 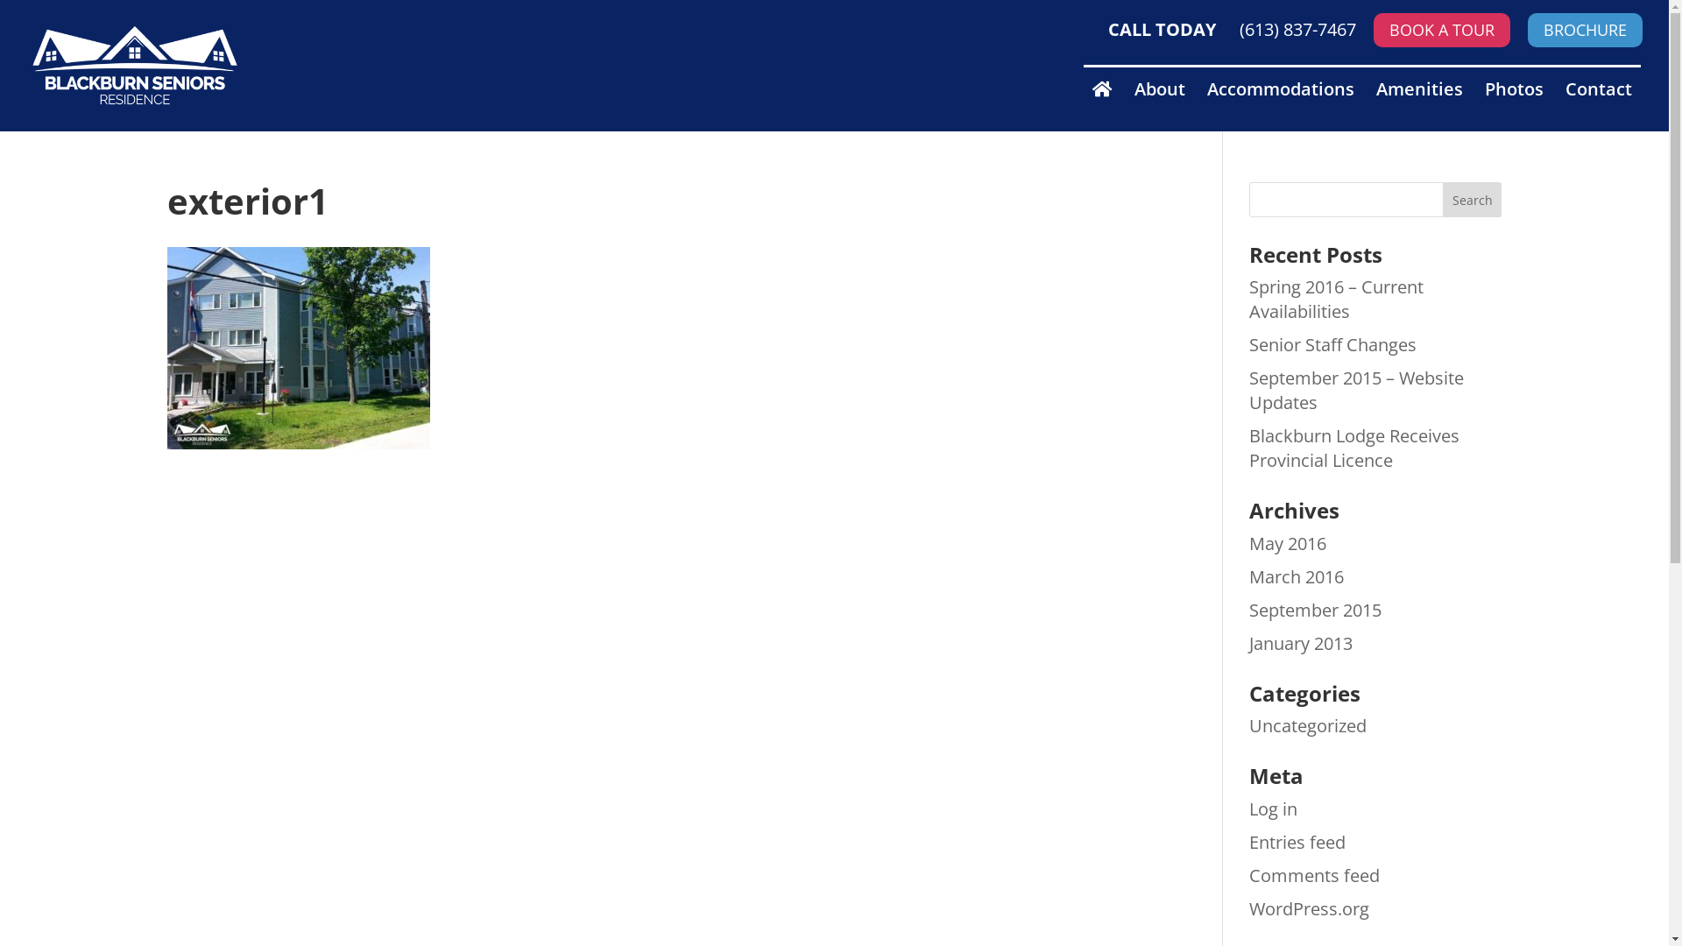 What do you see at coordinates (1375, 105) in the screenshot?
I see `'Amenities'` at bounding box center [1375, 105].